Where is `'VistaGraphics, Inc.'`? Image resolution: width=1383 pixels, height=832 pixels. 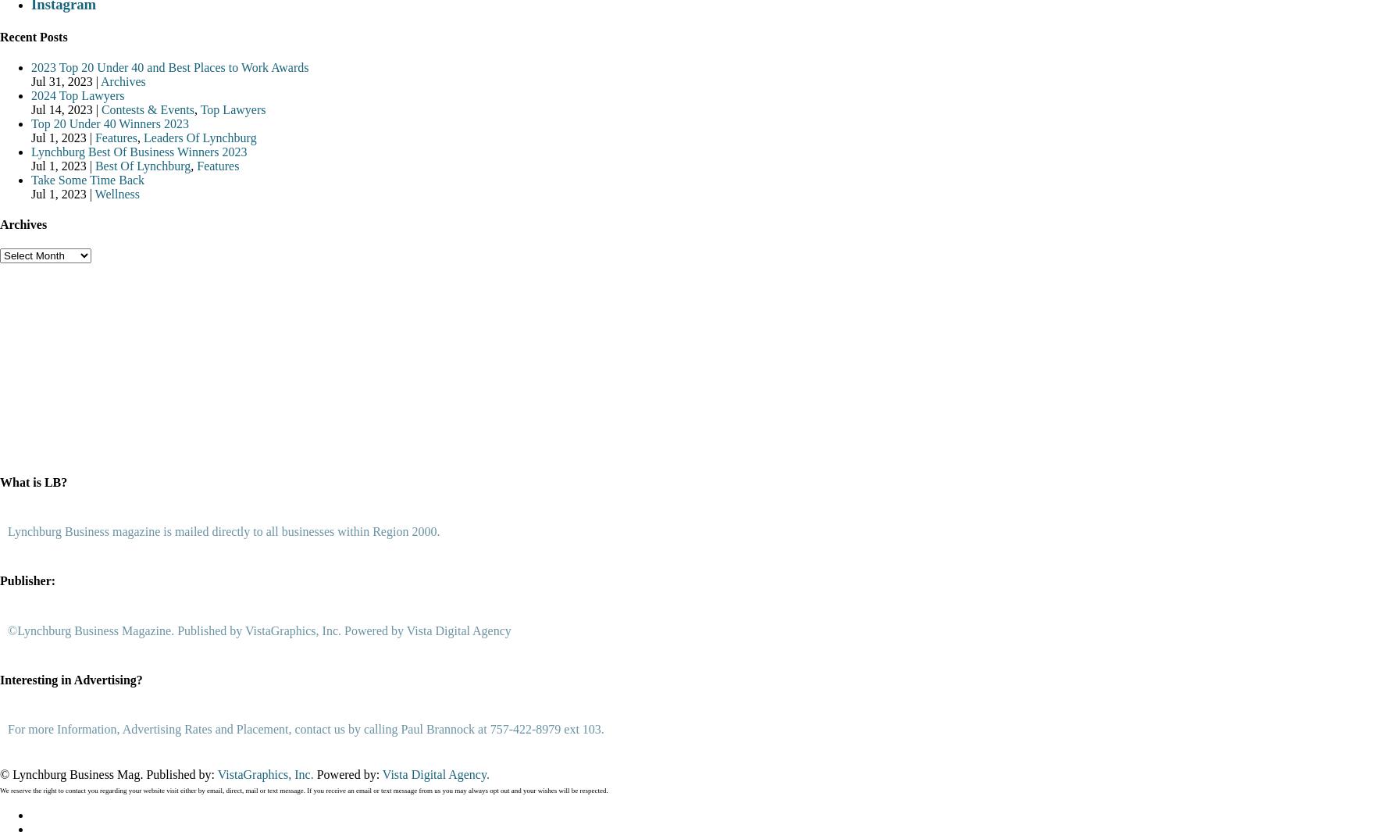
'VistaGraphics, Inc.' is located at coordinates (216, 774).